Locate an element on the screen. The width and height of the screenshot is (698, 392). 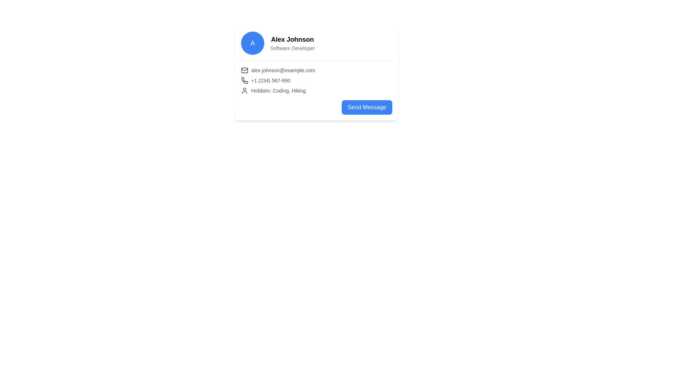
the text label 'Software Developer' that is styled in gray and positioned below 'Alex Johnson' in the contact card layout is located at coordinates (292, 48).